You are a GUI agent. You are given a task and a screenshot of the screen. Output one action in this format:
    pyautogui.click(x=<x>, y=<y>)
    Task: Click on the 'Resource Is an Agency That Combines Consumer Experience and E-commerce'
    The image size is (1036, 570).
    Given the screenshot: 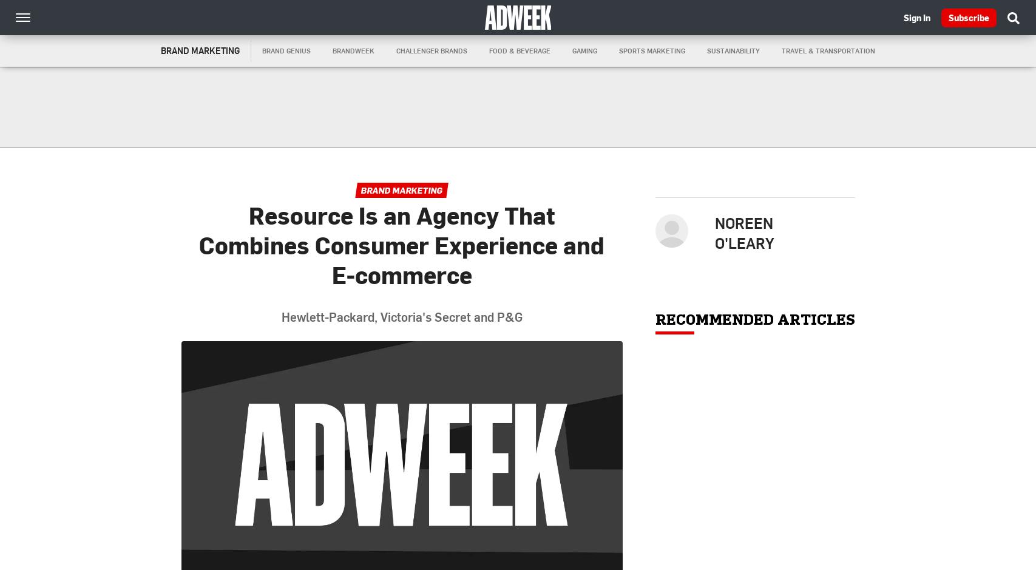 What is the action you would take?
    pyautogui.click(x=401, y=244)
    